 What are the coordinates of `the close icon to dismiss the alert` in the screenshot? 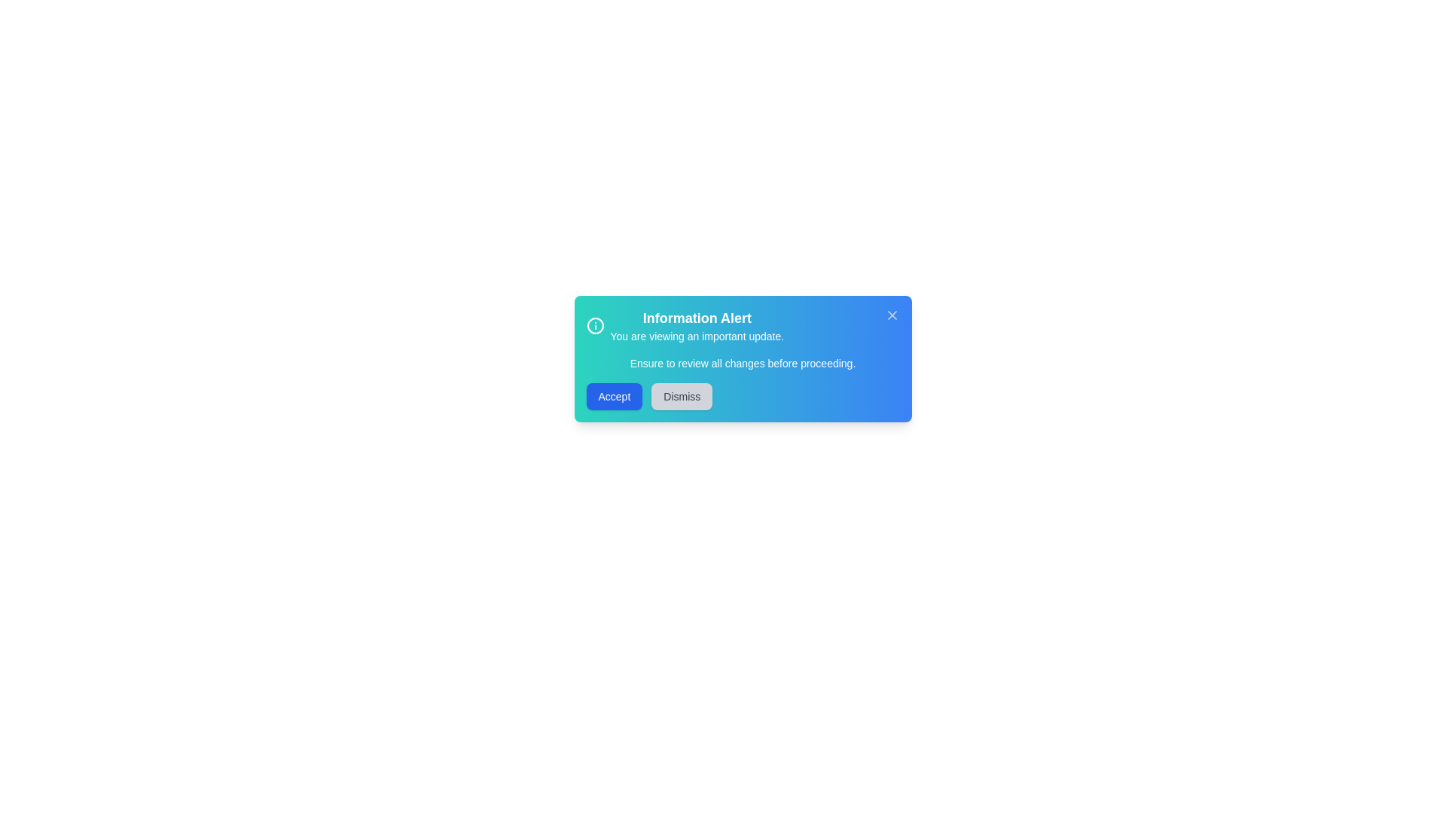 It's located at (892, 315).